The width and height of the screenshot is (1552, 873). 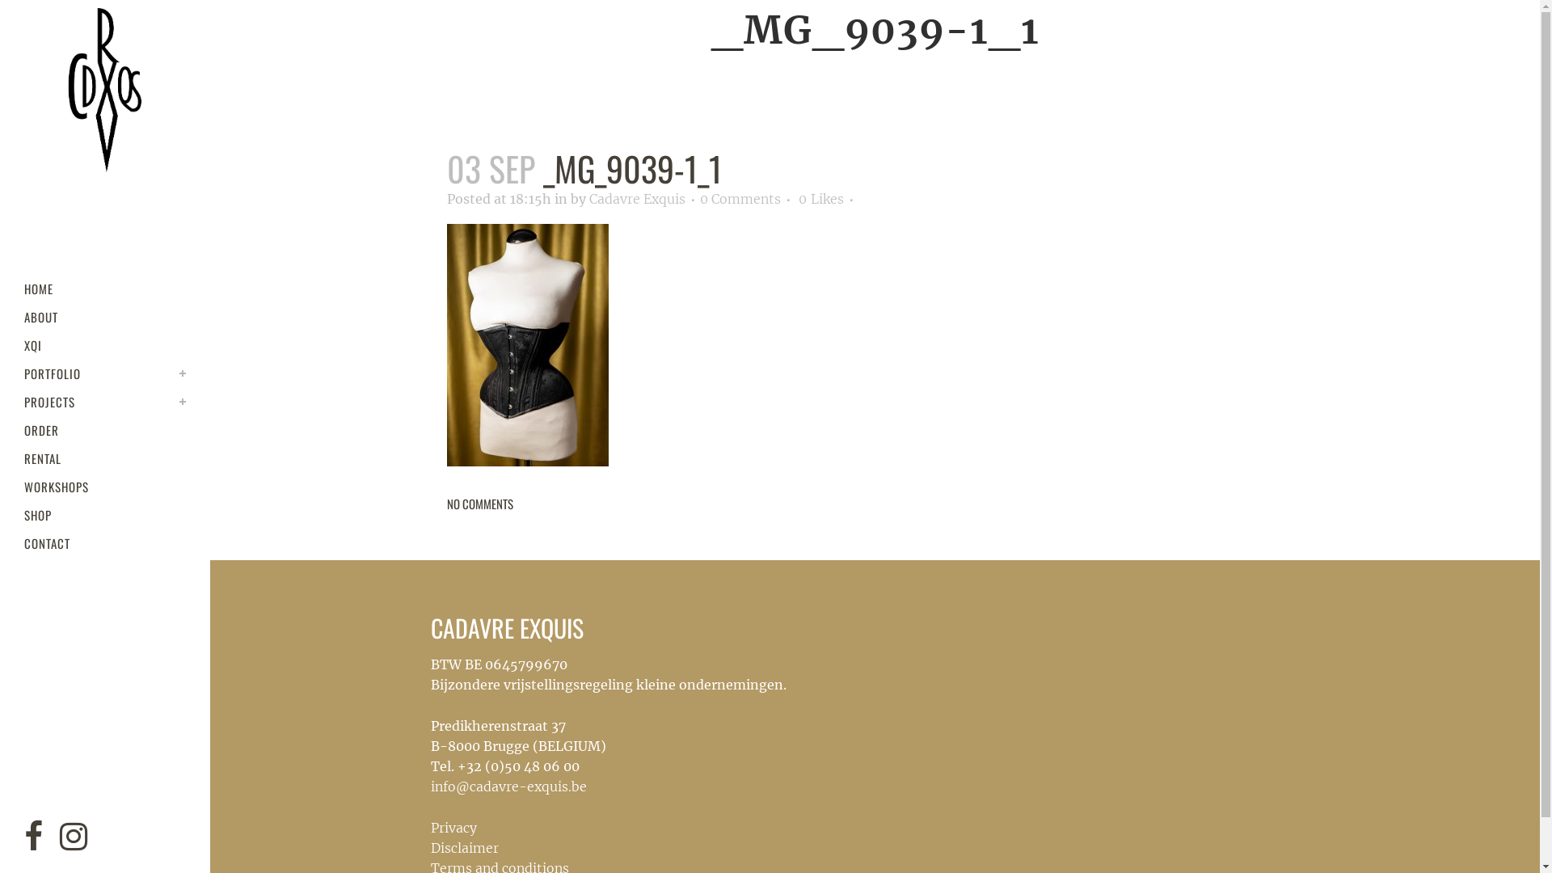 What do you see at coordinates (740, 198) in the screenshot?
I see `'0 Comments'` at bounding box center [740, 198].